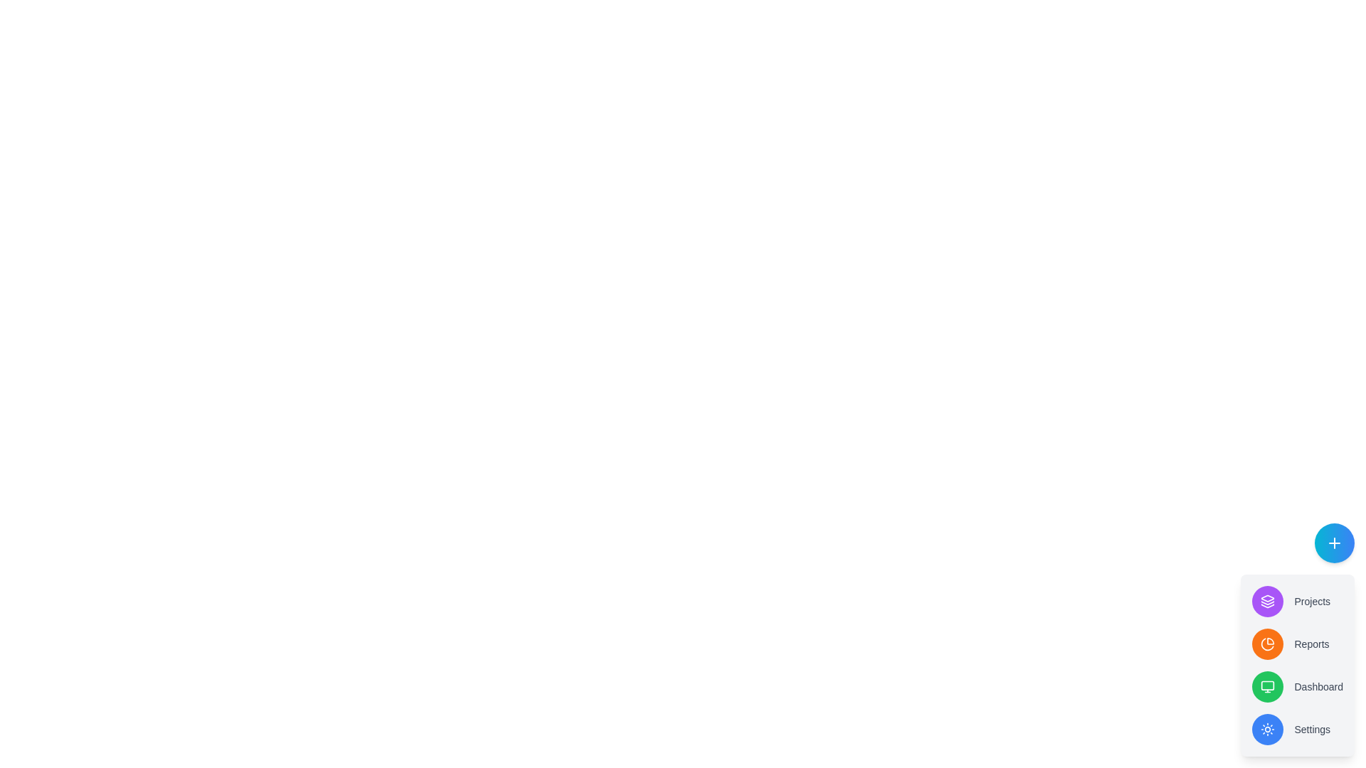 The image size is (1366, 768). What do you see at coordinates (1267, 598) in the screenshot?
I see `the topmost vector graphic component within the SVG that represents layers or levels, located in the upper-left portion of the SVG` at bounding box center [1267, 598].